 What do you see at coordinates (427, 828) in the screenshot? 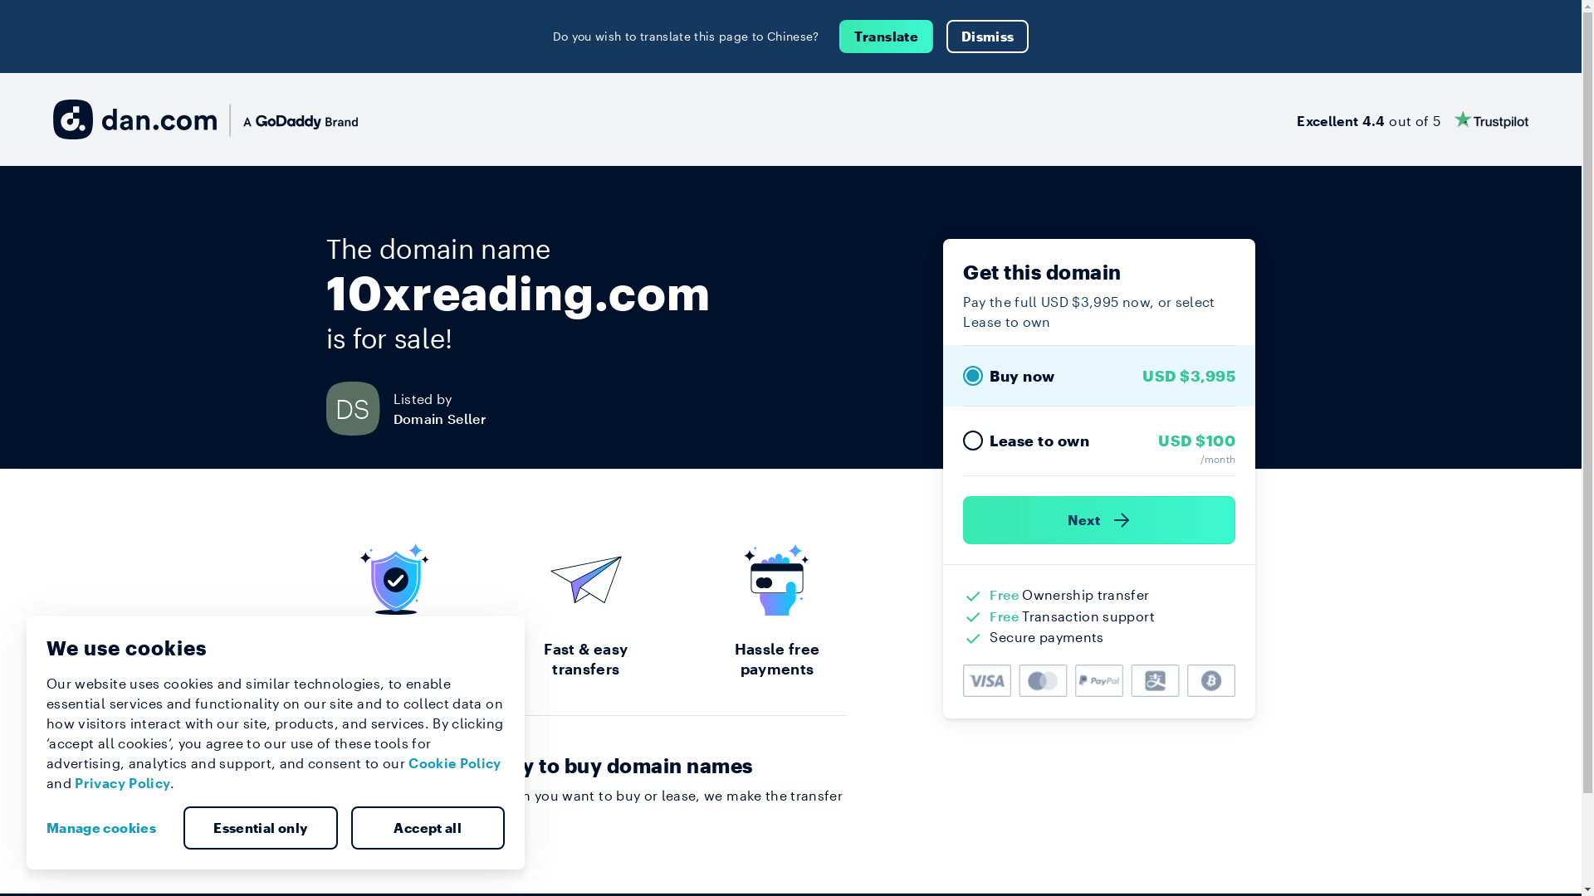
I see `'Accept all'` at bounding box center [427, 828].